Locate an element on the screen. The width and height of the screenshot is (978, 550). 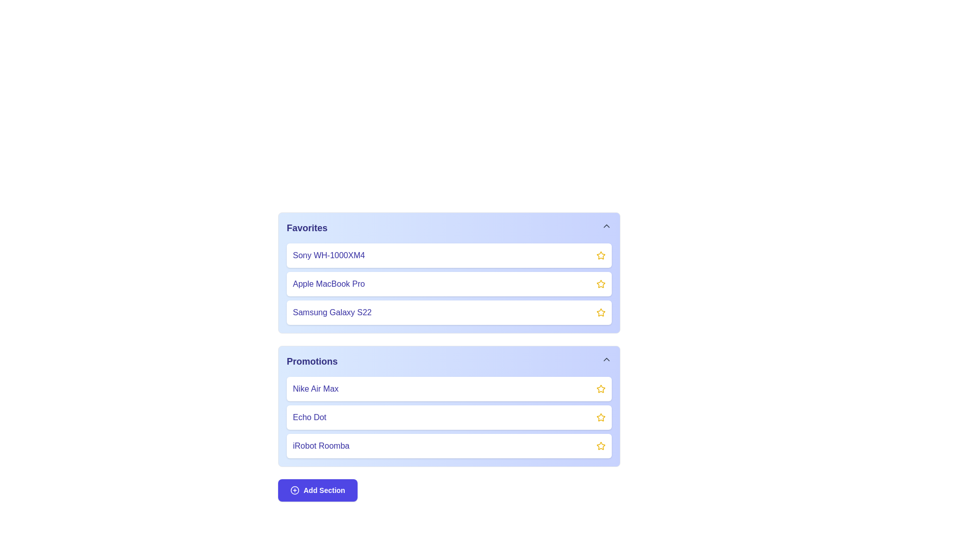
the star icon to favorite the item Sony WH-1000XM4 is located at coordinates (601, 255).